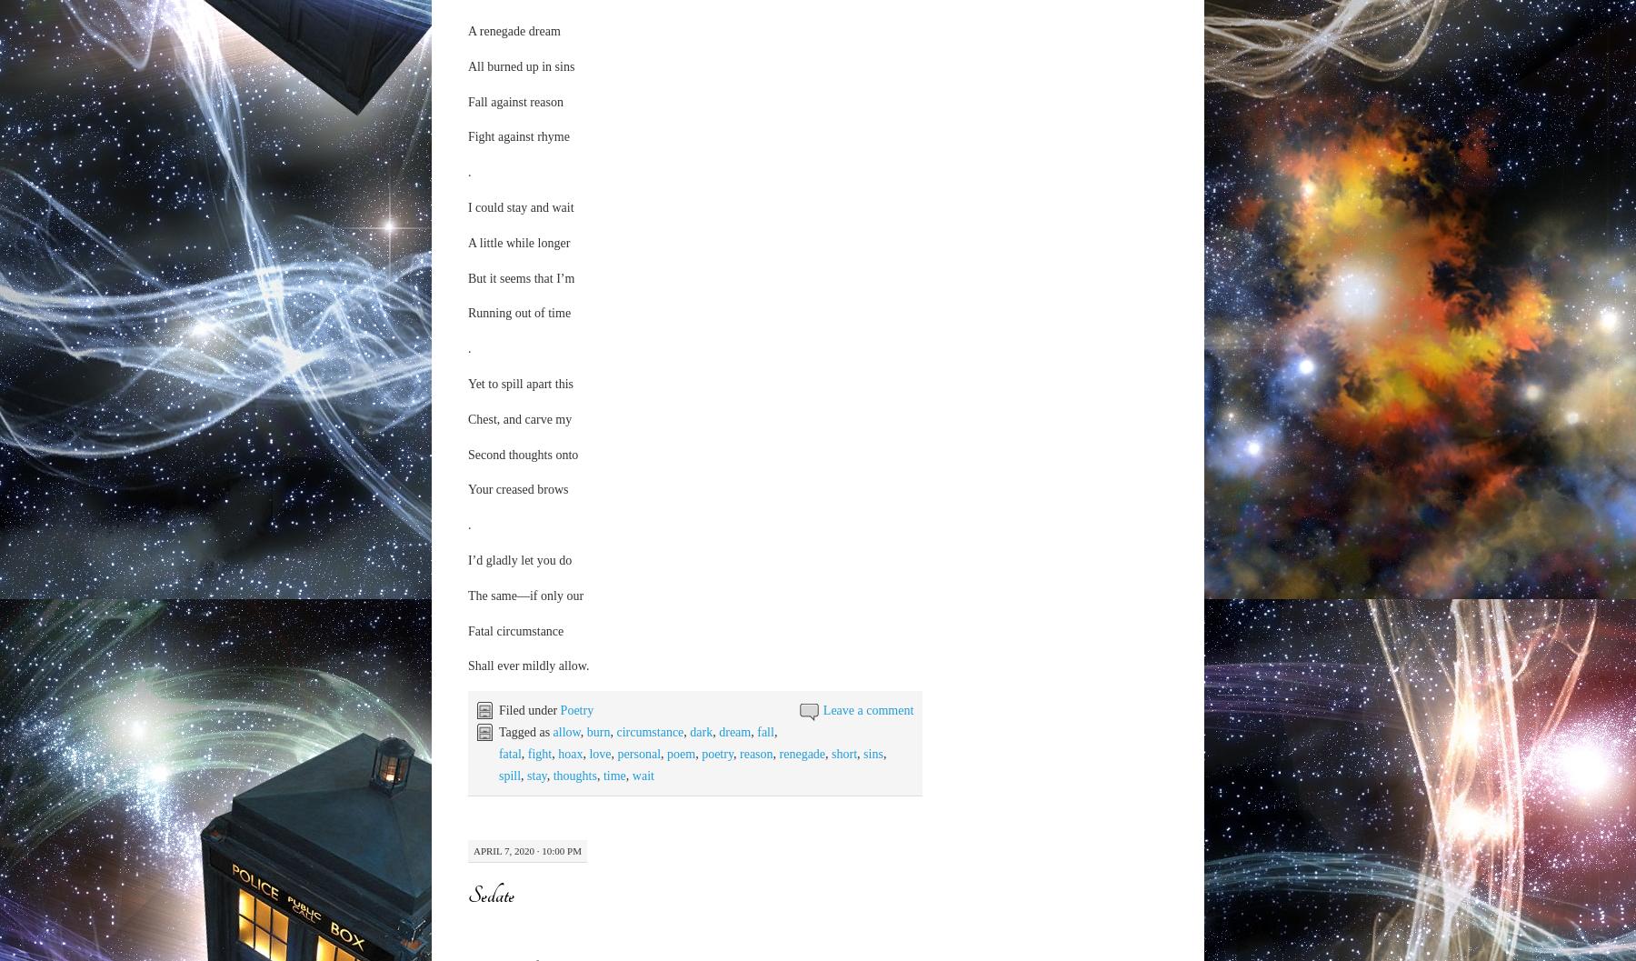 This screenshot has height=961, width=1636. I want to click on 'thoughts', so click(873, 859).